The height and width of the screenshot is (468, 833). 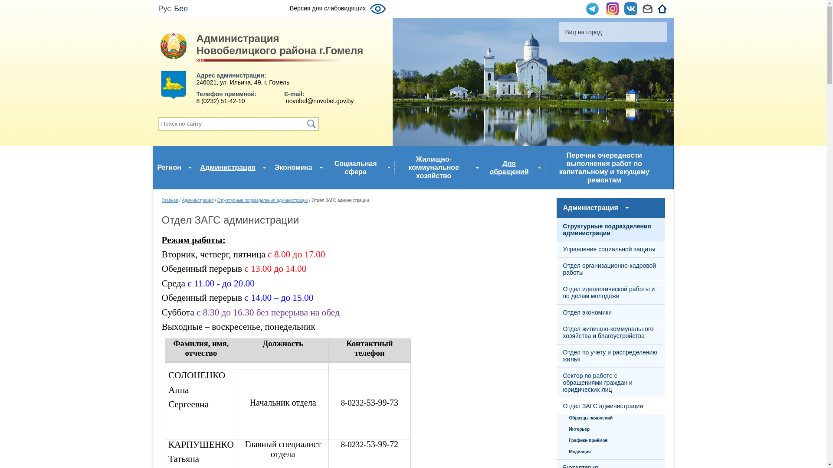 What do you see at coordinates (611, 8) in the screenshot?
I see `'Instagram'` at bounding box center [611, 8].